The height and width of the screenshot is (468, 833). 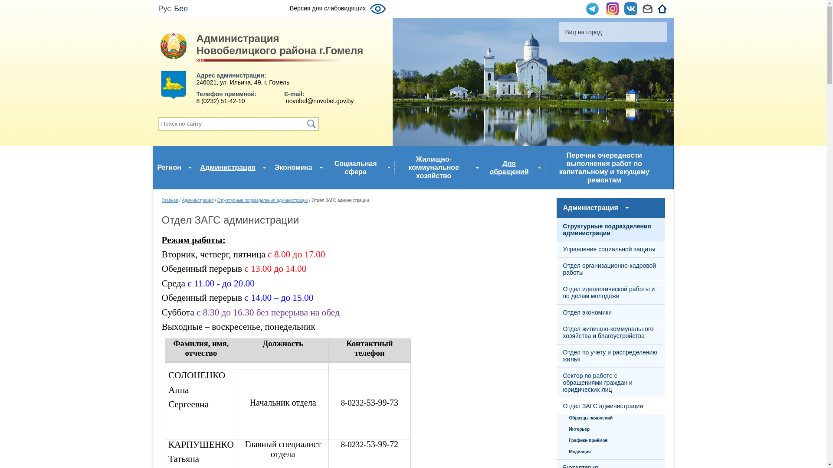 What do you see at coordinates (611, 8) in the screenshot?
I see `'Instagram'` at bounding box center [611, 8].